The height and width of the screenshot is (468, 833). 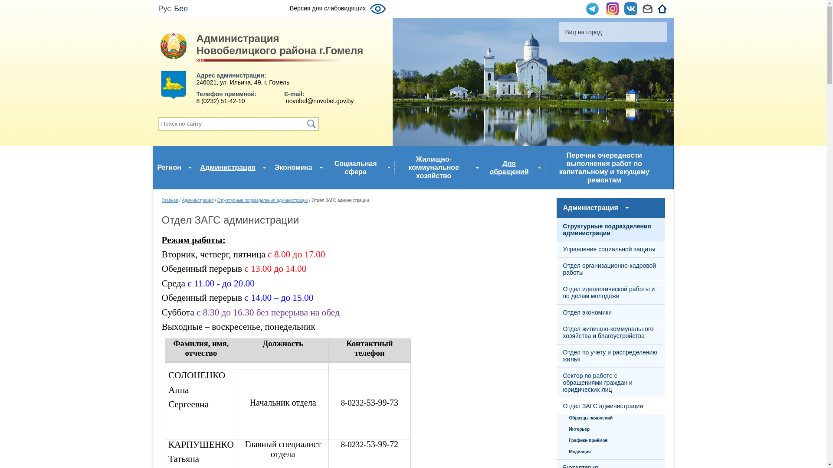 What do you see at coordinates (611, 8) in the screenshot?
I see `'Instagram'` at bounding box center [611, 8].